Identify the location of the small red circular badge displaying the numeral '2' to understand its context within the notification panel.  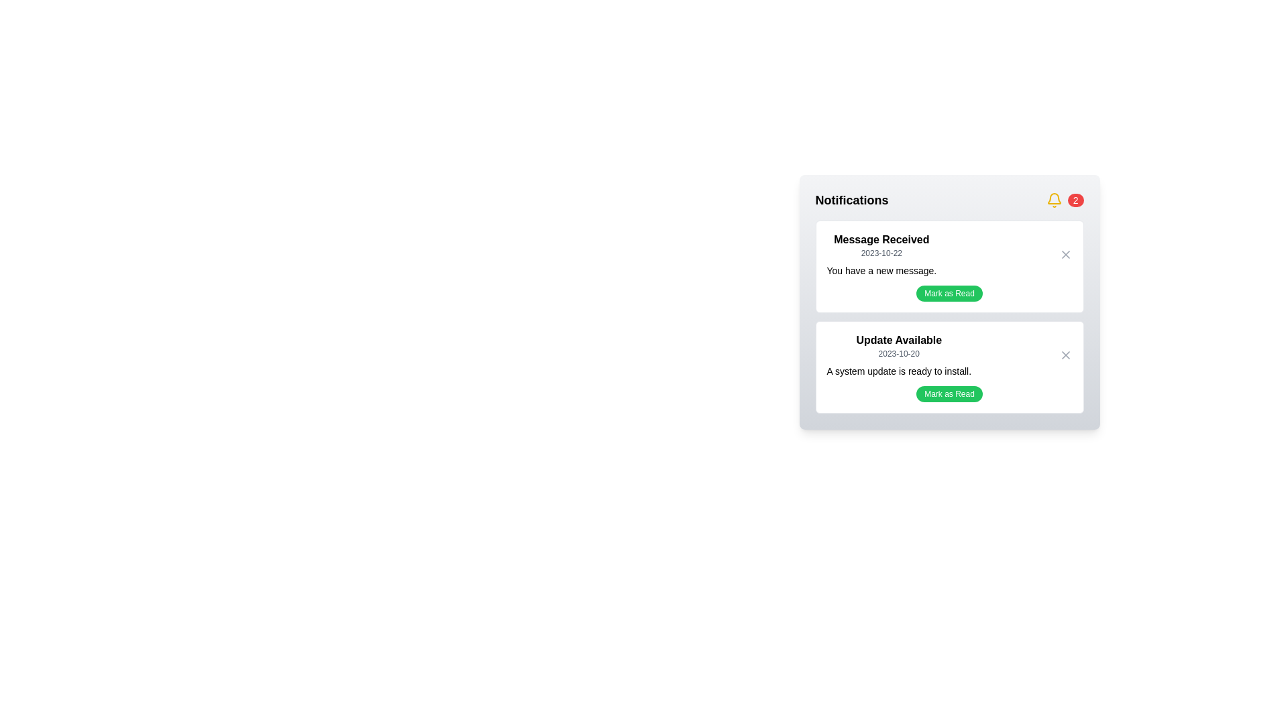
(1075, 200).